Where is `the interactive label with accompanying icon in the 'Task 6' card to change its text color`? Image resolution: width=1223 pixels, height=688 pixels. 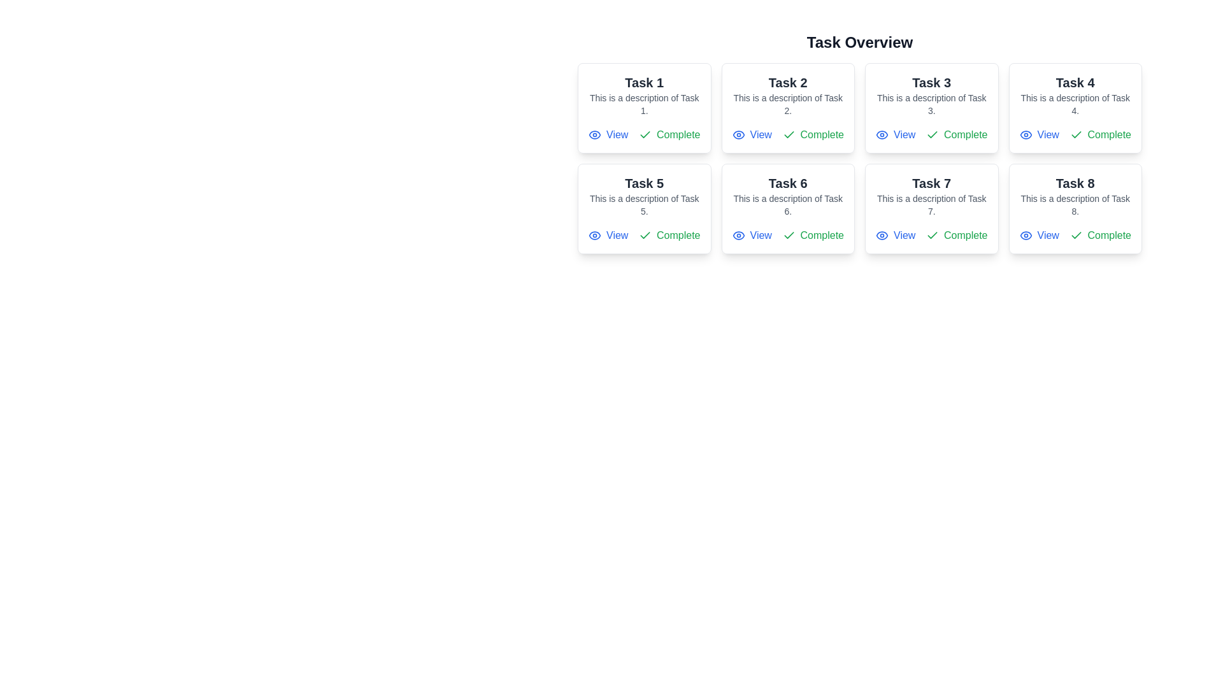
the interactive label with accompanying icon in the 'Task 6' card to change its text color is located at coordinates (812, 236).